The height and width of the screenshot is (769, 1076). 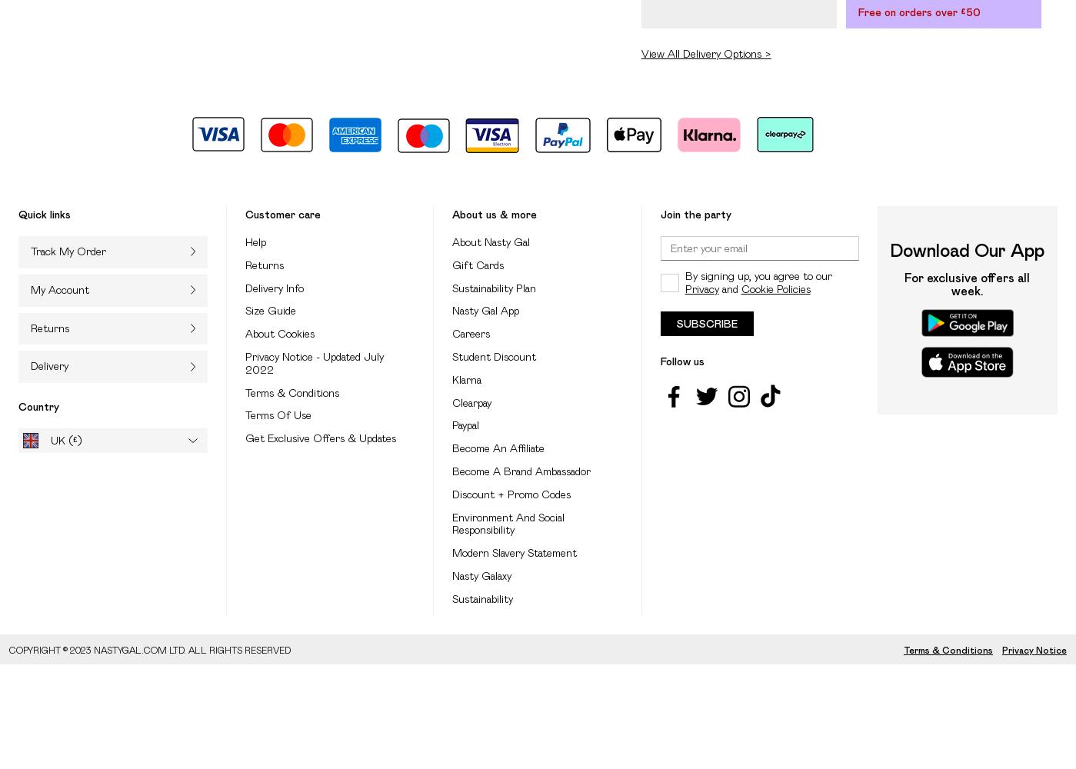 What do you see at coordinates (467, 378) in the screenshot?
I see `'Klarna'` at bounding box center [467, 378].